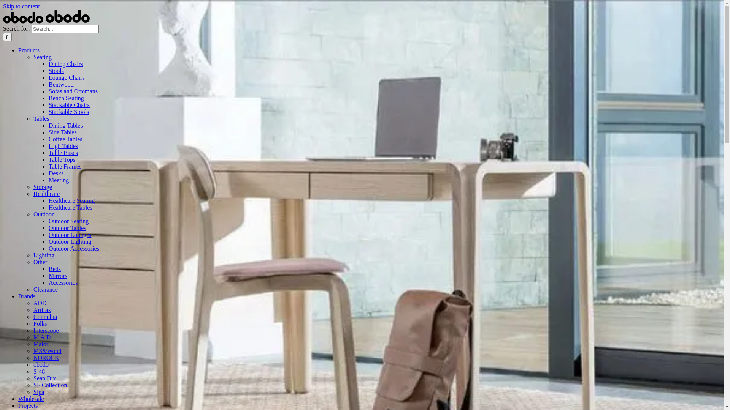 This screenshot has width=730, height=410. I want to click on 'Wholesale', so click(18, 398).